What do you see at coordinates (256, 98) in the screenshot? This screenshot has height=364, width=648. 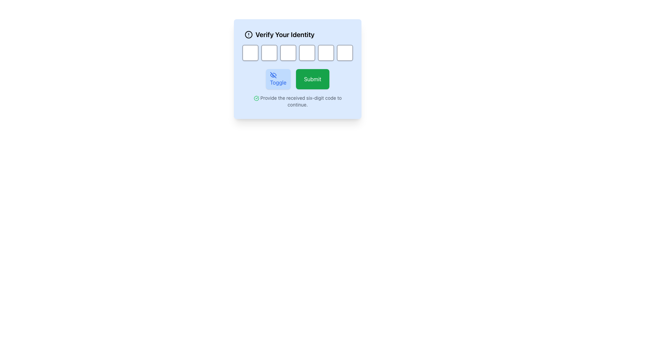 I see `the affirmation icon located to the left of the text 'Provide the received six-digit code to continue.'` at bounding box center [256, 98].